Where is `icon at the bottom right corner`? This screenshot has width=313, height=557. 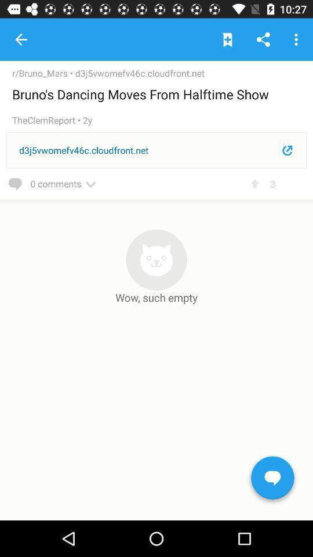
icon at the bottom right corner is located at coordinates (272, 480).